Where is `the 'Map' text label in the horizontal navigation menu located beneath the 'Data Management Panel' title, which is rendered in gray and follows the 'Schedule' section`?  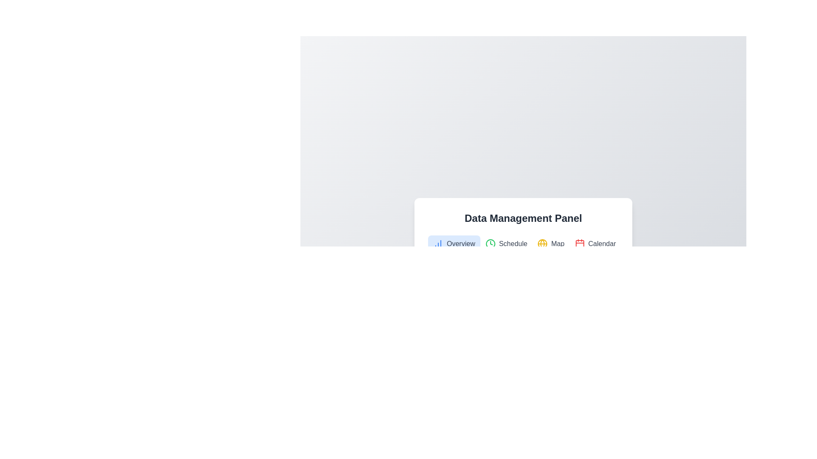
the 'Map' text label in the horizontal navigation menu located beneath the 'Data Management Panel' title, which is rendered in gray and follows the 'Schedule' section is located at coordinates (557, 244).